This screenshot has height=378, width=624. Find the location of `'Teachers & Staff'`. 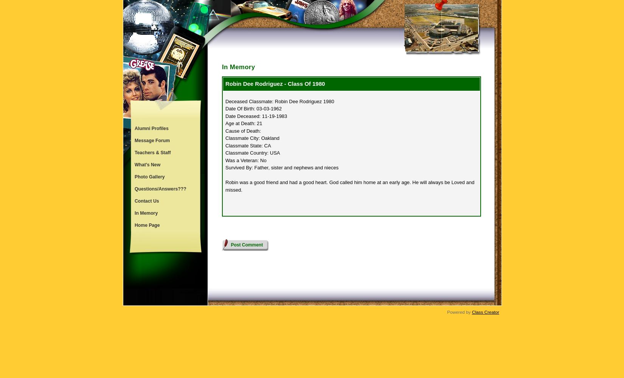

'Teachers & Staff' is located at coordinates (152, 153).